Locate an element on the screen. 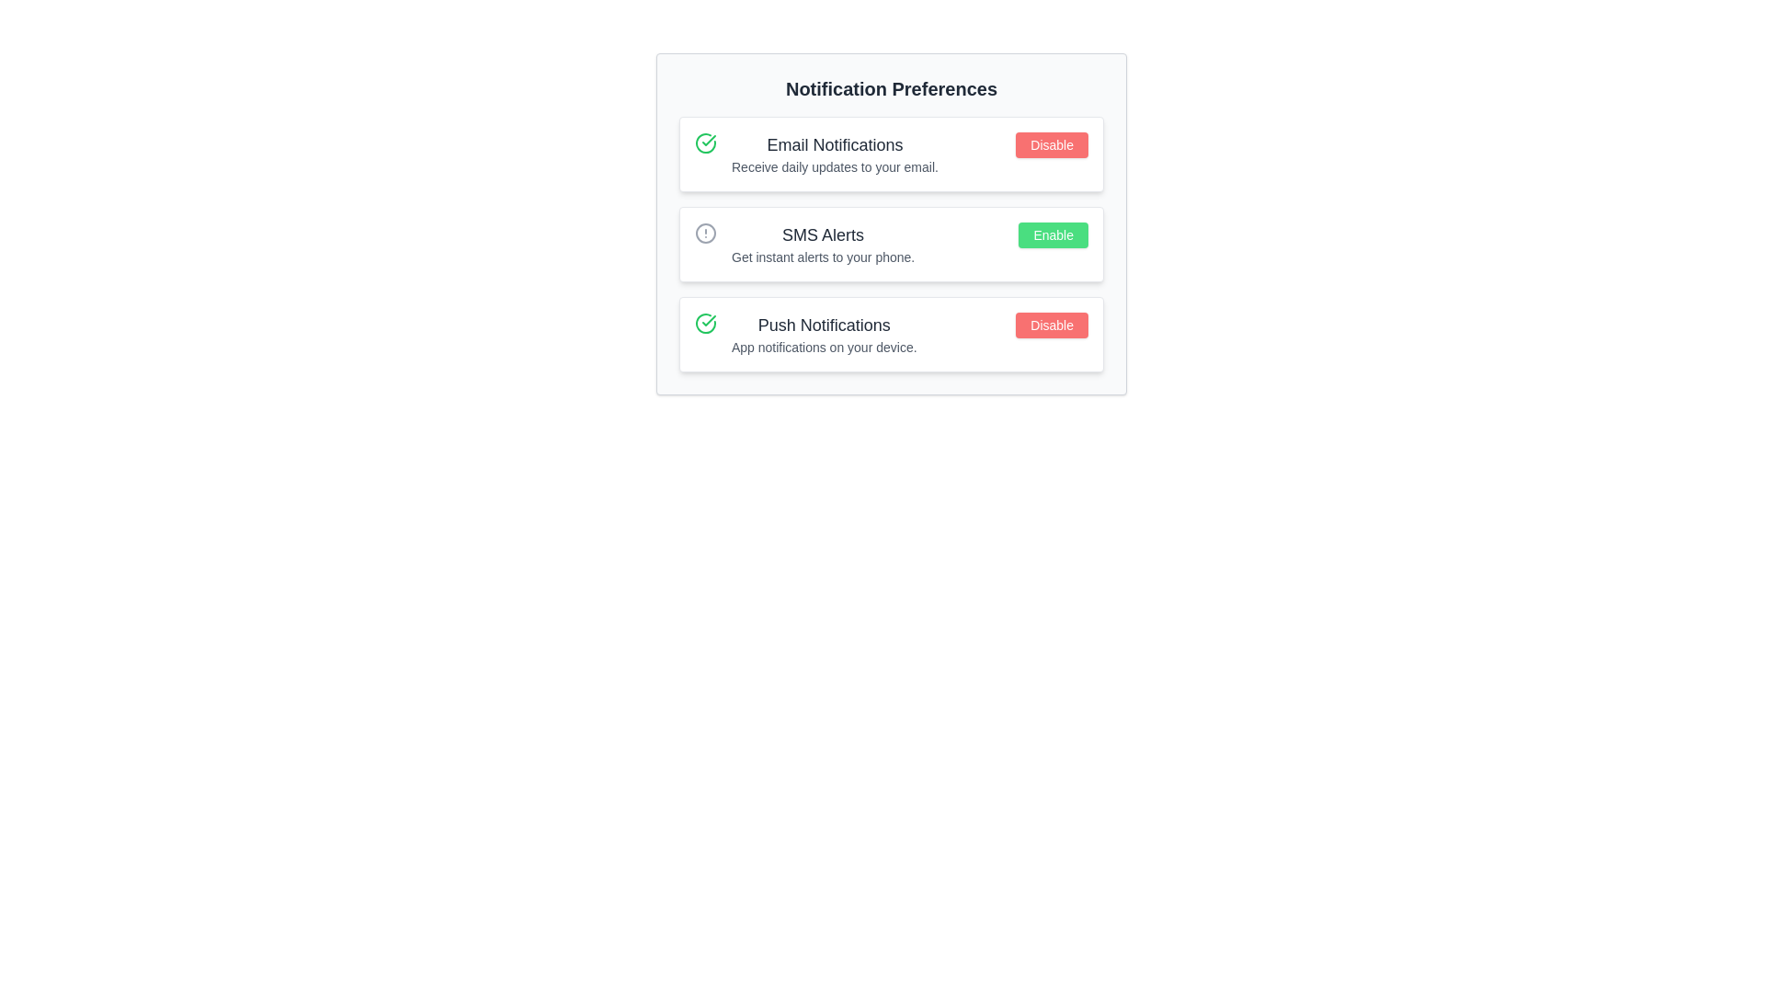  the decorative SVG element representing the checkmark status of the 'Email Notifications' option located inside the notification preferences panel is located at coordinates (705, 142).